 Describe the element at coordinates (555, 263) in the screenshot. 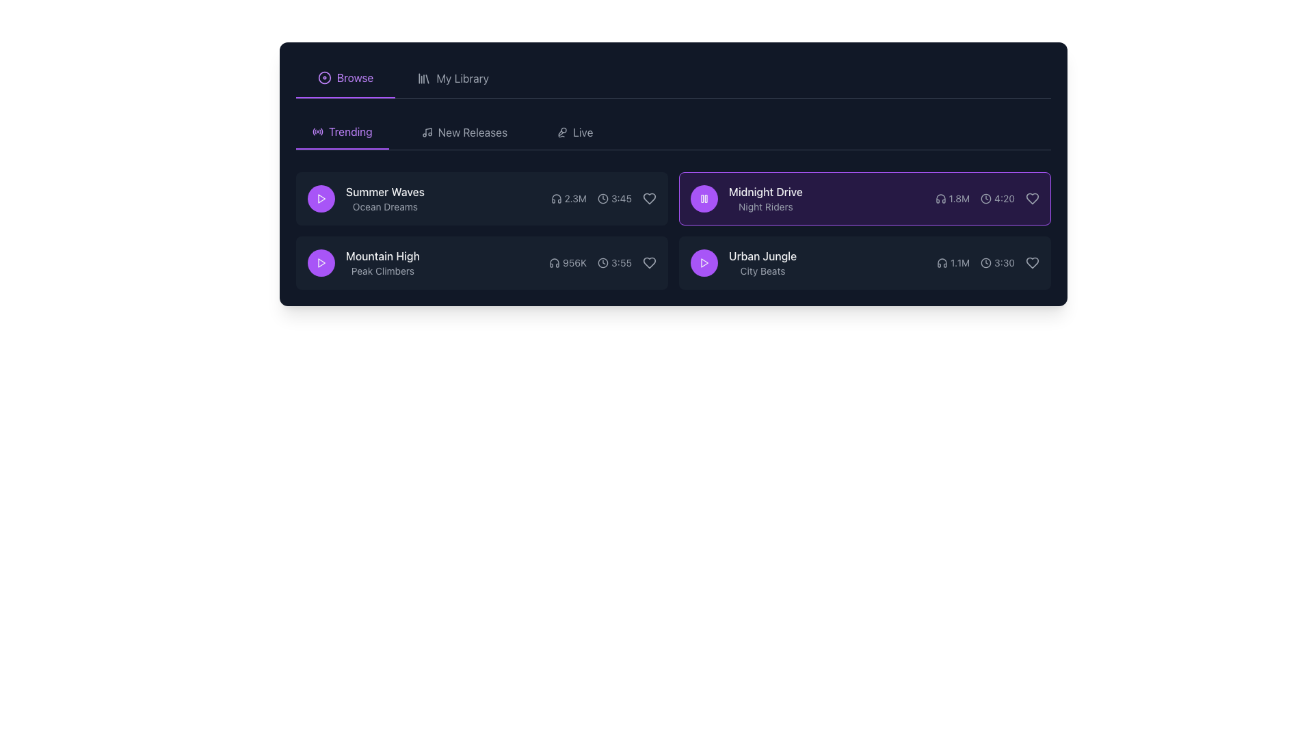

I see `the stylized headphones icon located in the playlist area to the left of the 'Midnight Drive' track details` at that location.